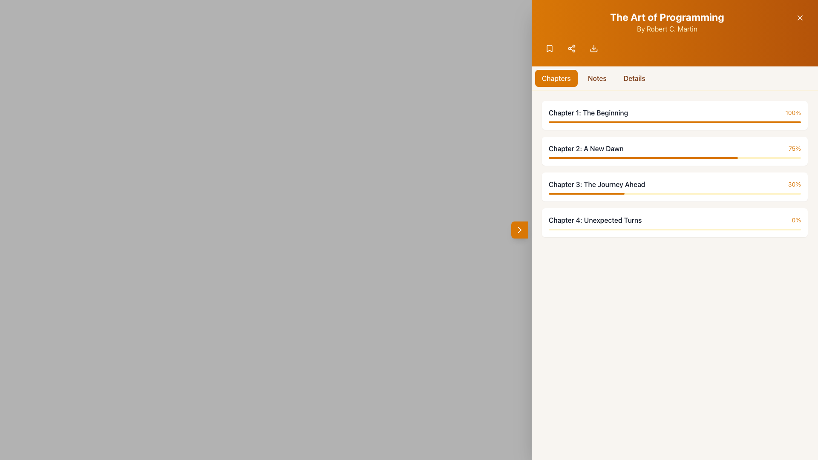 Image resolution: width=818 pixels, height=460 pixels. What do you see at coordinates (556, 78) in the screenshot?
I see `the 'Chapters' button, which is a rectangular button with a yellow-orange background and white centered text` at bounding box center [556, 78].